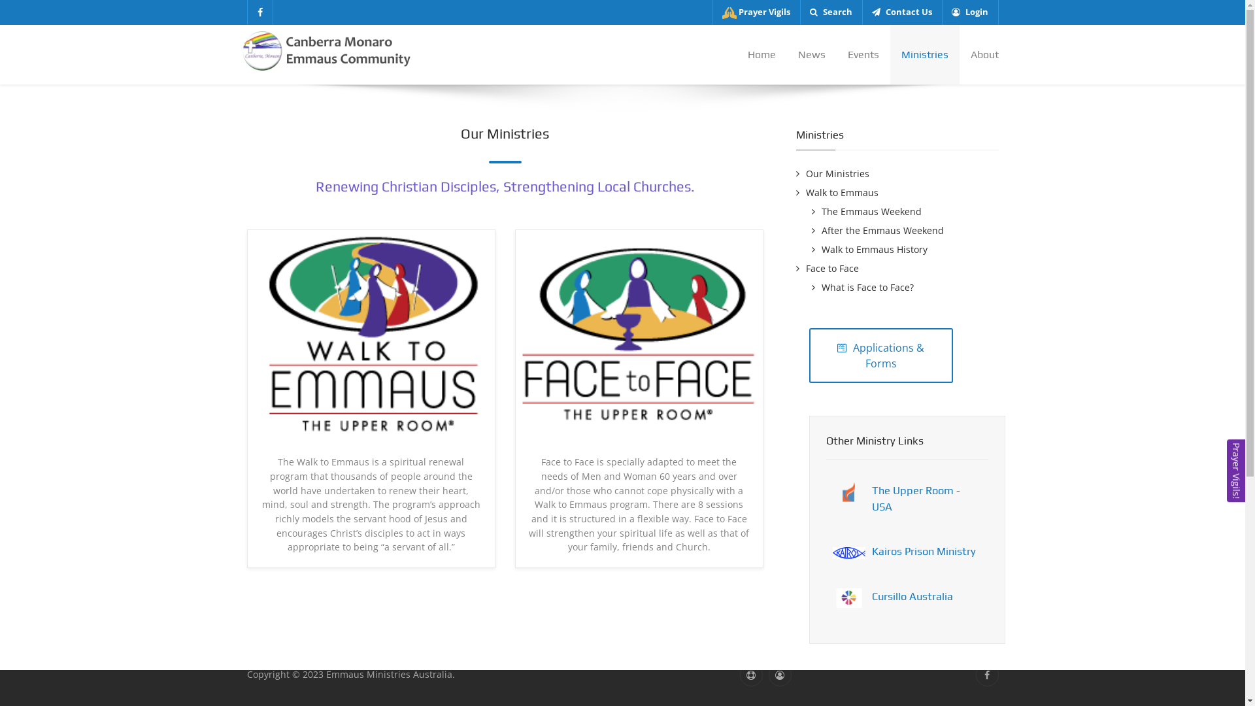 The height and width of the screenshot is (706, 1255). Describe the element at coordinates (811, 54) in the screenshot. I see `'News'` at that location.